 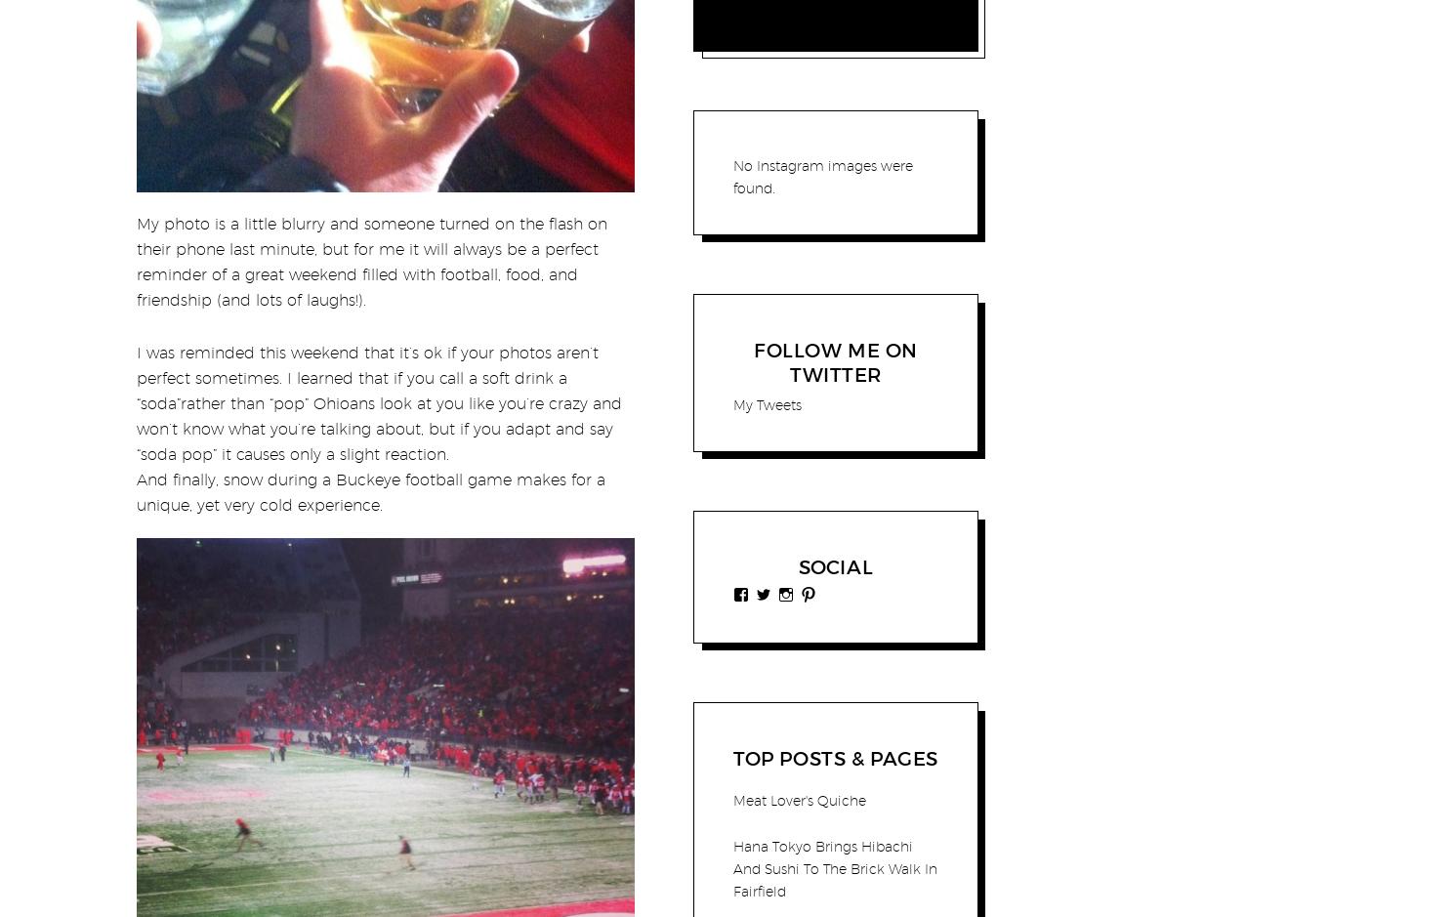 What do you see at coordinates (835, 758) in the screenshot?
I see `'Top Posts & Pages'` at bounding box center [835, 758].